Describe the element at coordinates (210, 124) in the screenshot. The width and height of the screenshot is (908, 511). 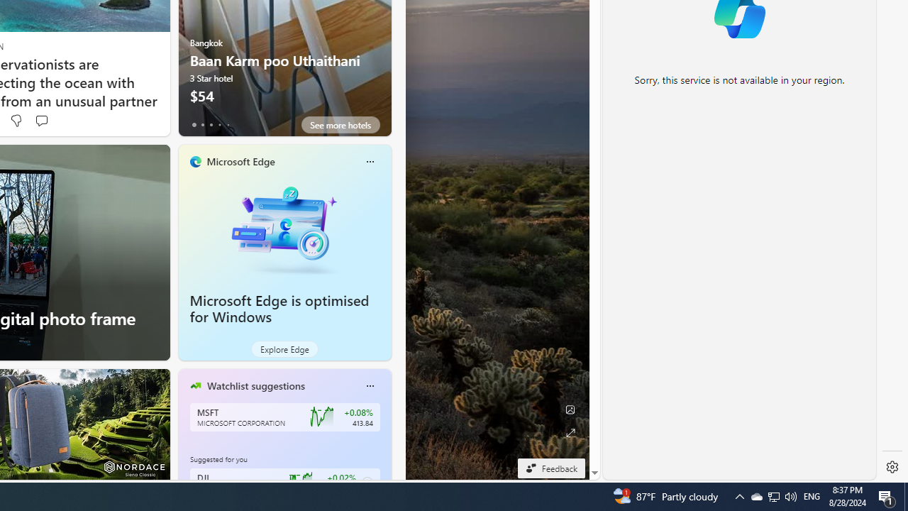
I see `'tab-2'` at that location.